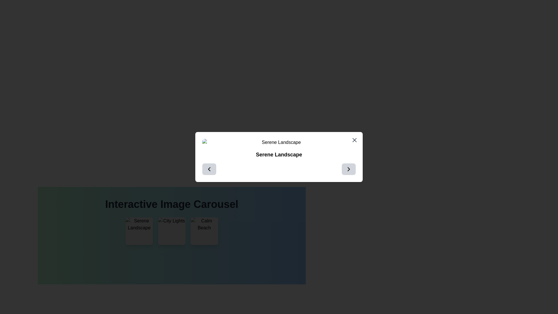  What do you see at coordinates (204, 231) in the screenshot?
I see `the interactive tile displaying the image with alt text 'Calm Beach'` at bounding box center [204, 231].